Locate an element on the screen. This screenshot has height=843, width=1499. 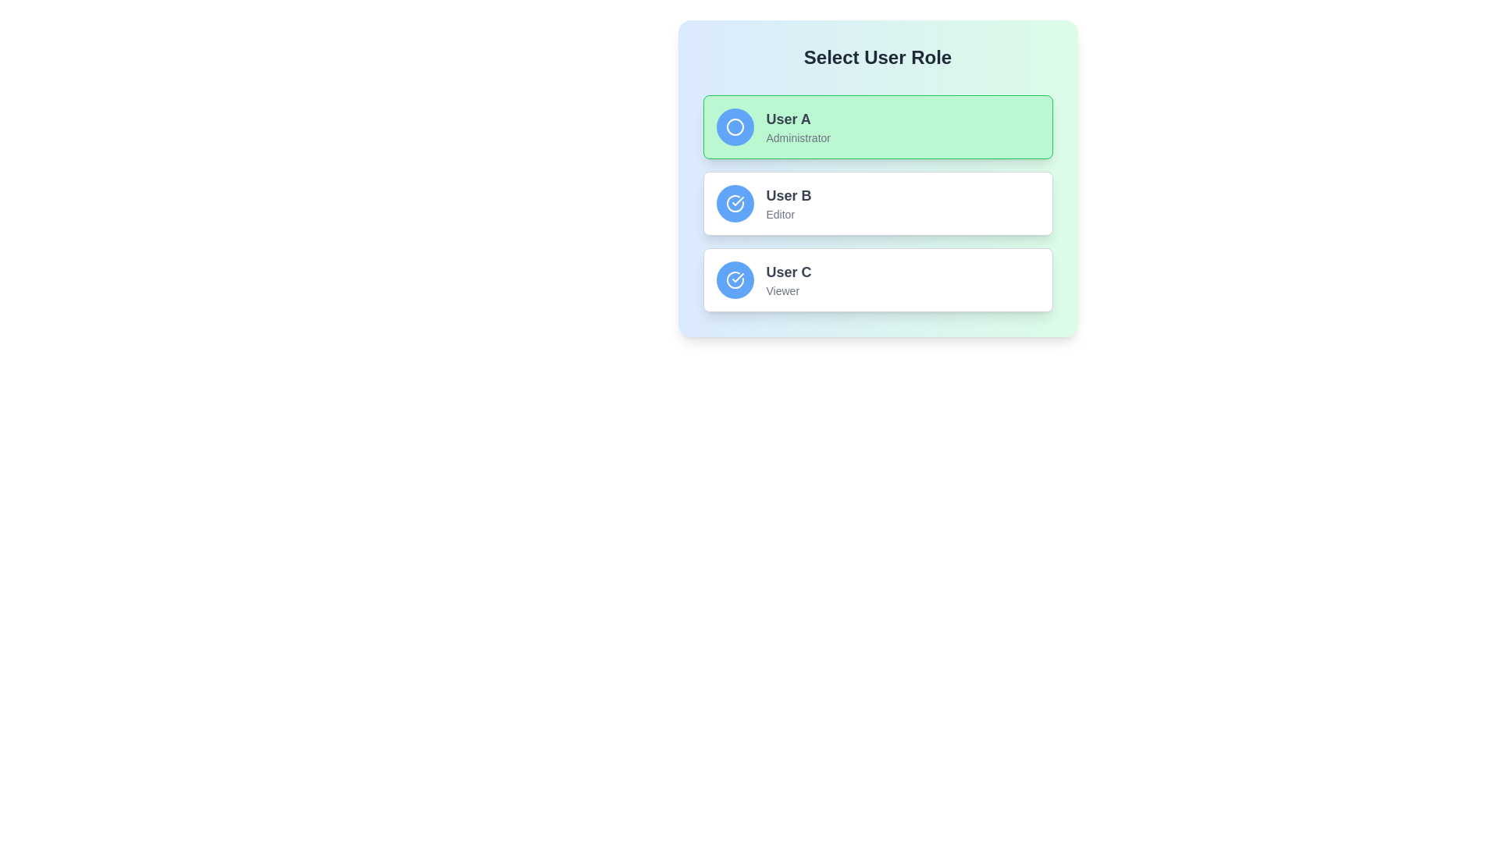
the text label indicating the role associated with 'User B', which is located directly below the text 'User B' in the options list under the 'Select User Role' heading is located at coordinates (789, 214).